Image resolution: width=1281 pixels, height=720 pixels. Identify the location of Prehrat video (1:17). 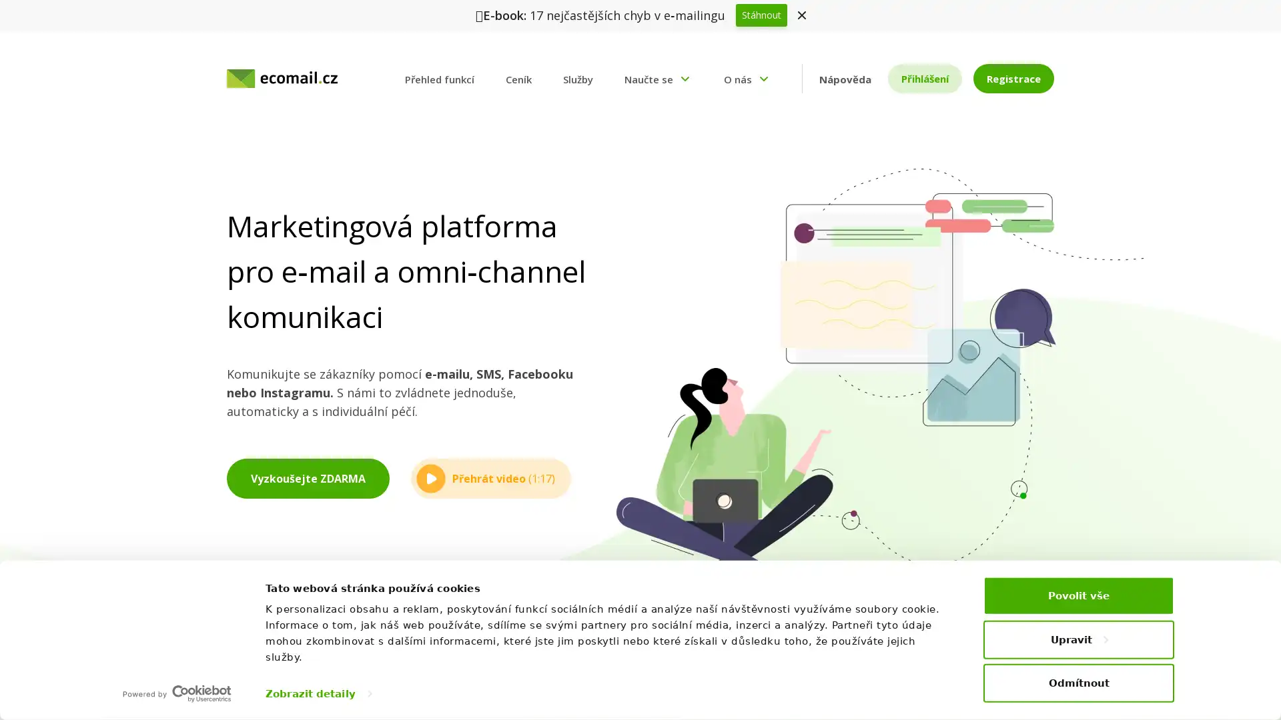
(490, 477).